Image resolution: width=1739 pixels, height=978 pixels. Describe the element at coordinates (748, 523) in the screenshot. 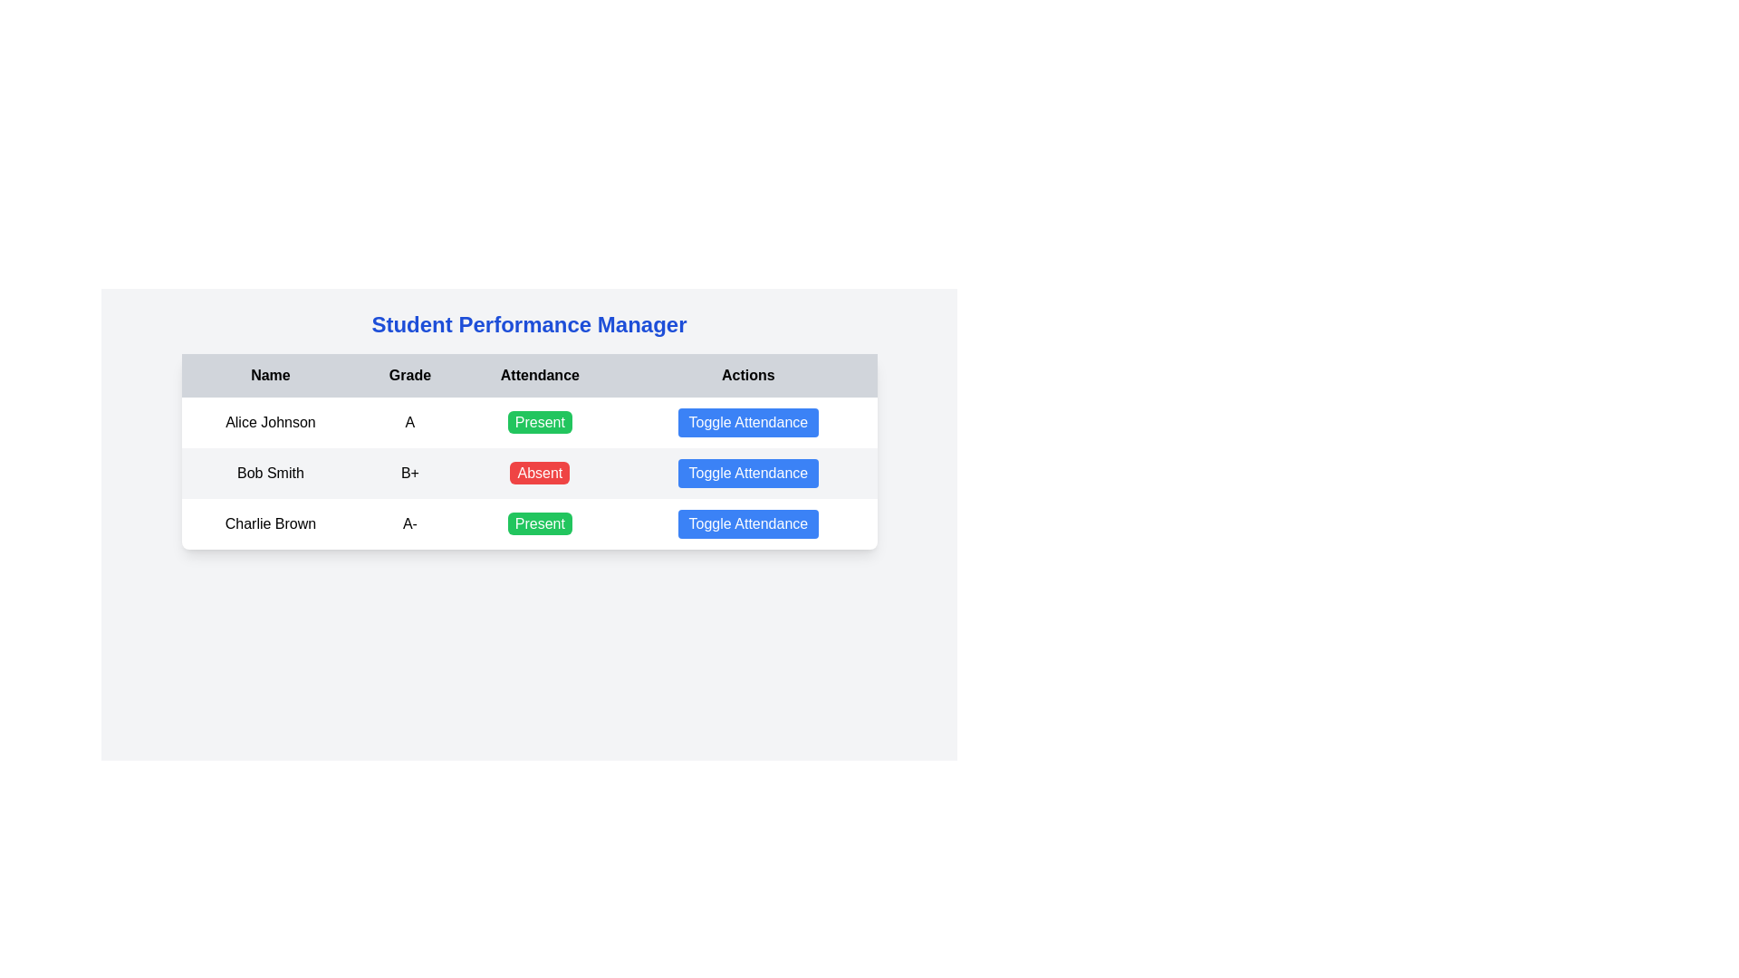

I see `the 'Toggle Attendance' button for keyboard navigation` at that location.